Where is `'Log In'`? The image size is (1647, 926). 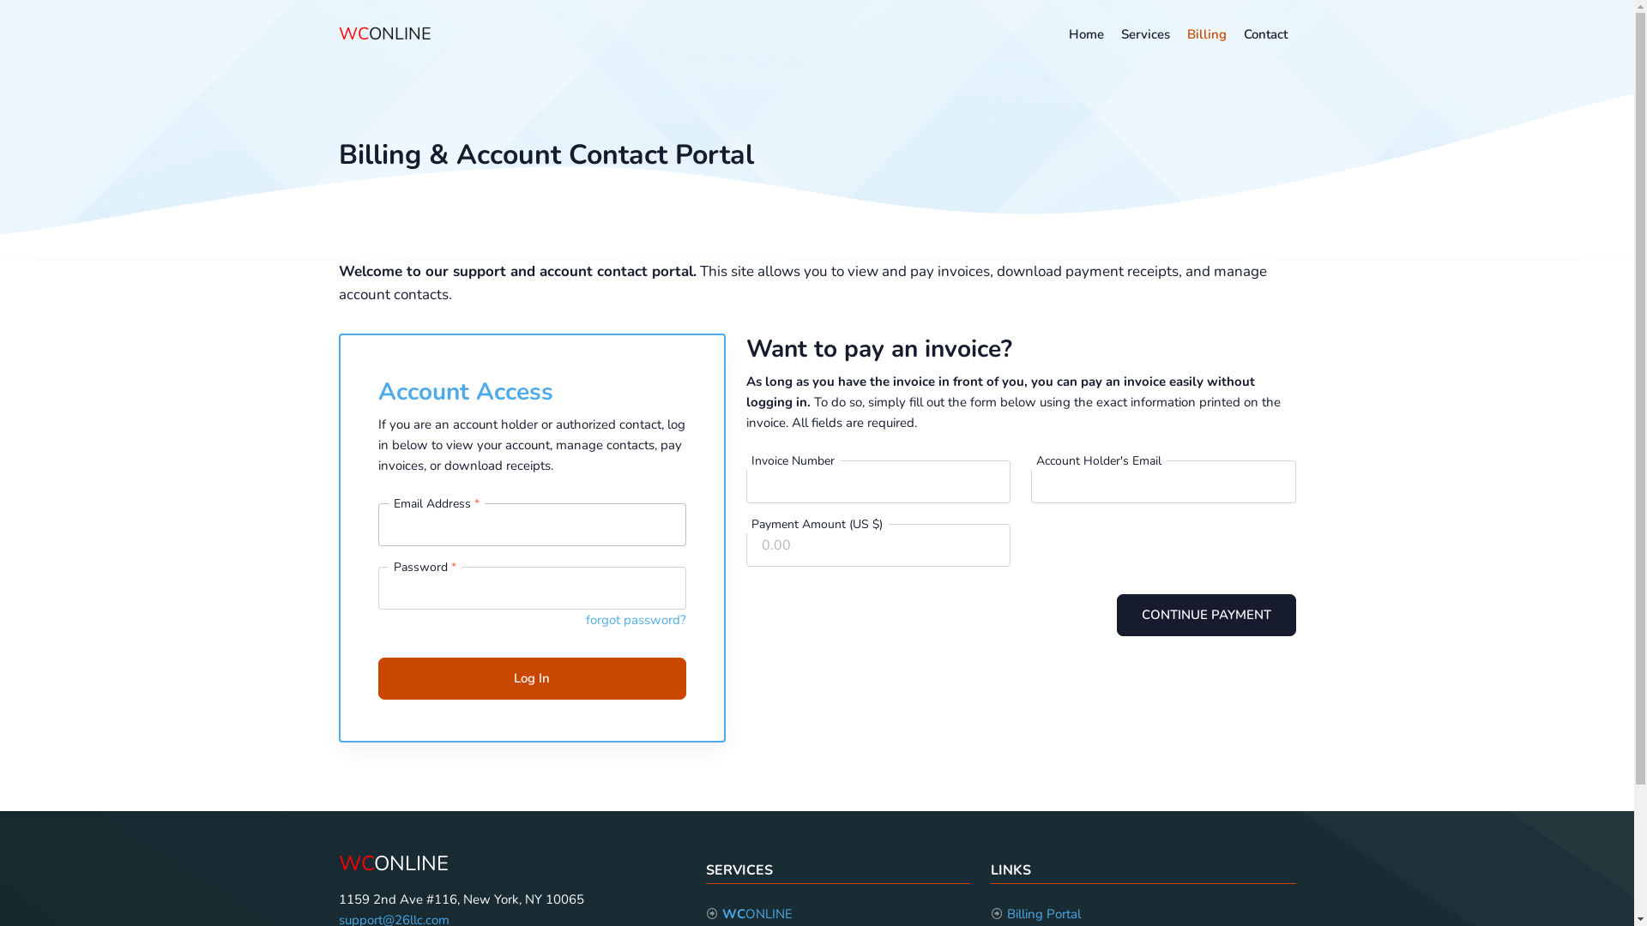
'Log In' is located at coordinates (530, 677).